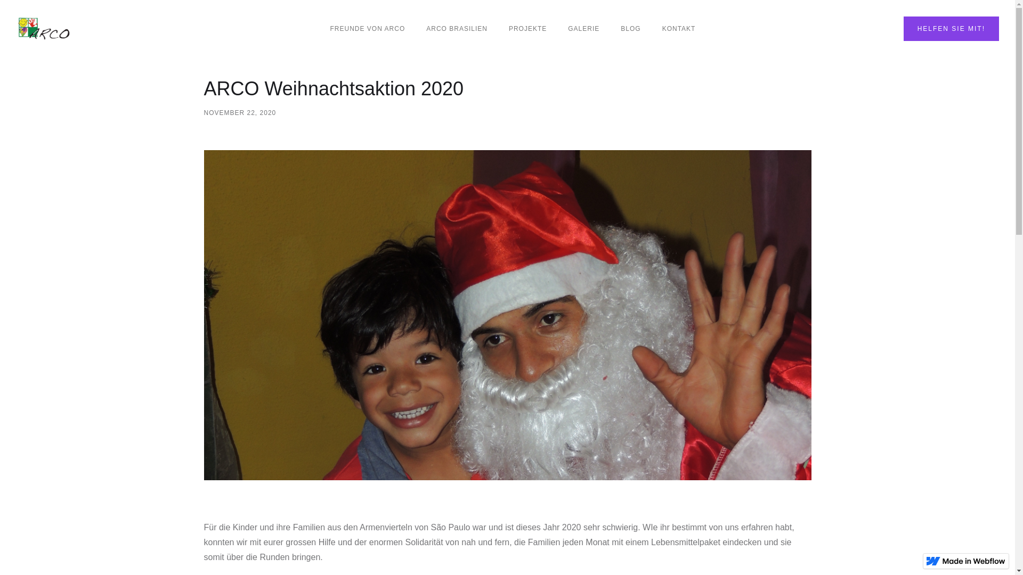  What do you see at coordinates (630, 28) in the screenshot?
I see `'BLOG'` at bounding box center [630, 28].